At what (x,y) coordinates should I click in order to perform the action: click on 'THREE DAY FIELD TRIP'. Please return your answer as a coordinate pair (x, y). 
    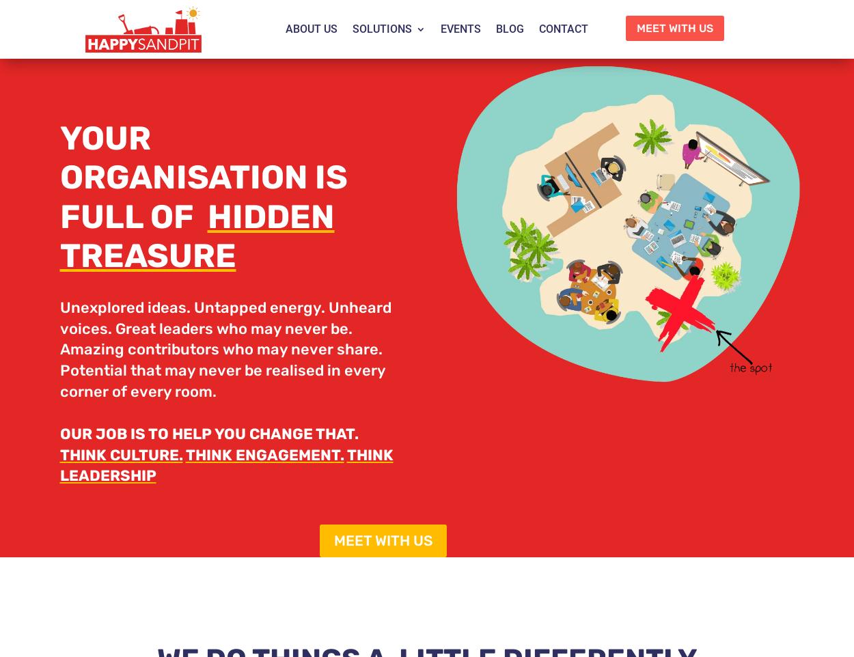
    Looking at the image, I should click on (430, 165).